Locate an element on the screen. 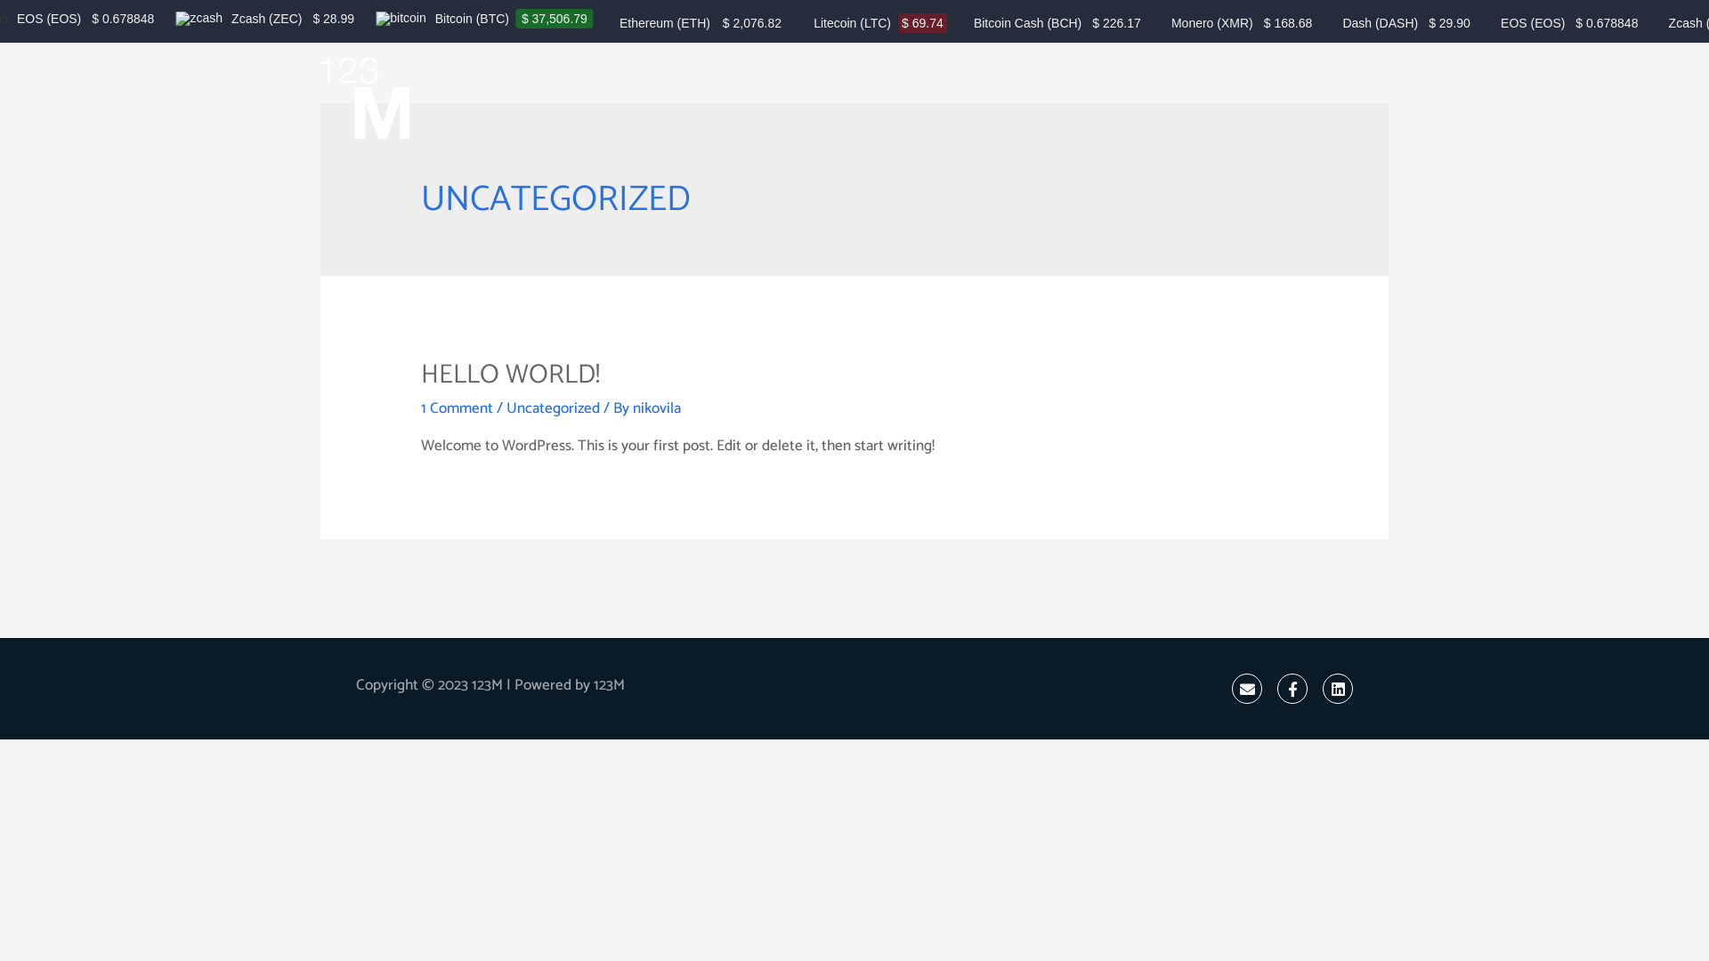  'HELLO WORLD!' is located at coordinates (509, 374).